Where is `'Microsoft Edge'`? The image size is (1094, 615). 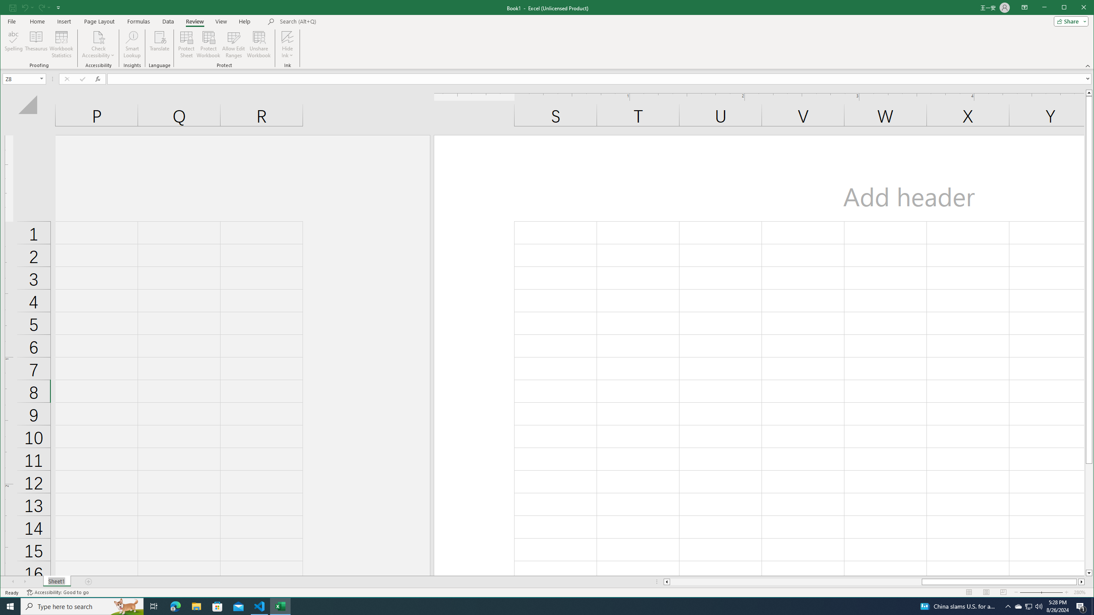
'Microsoft Edge' is located at coordinates (175, 606).